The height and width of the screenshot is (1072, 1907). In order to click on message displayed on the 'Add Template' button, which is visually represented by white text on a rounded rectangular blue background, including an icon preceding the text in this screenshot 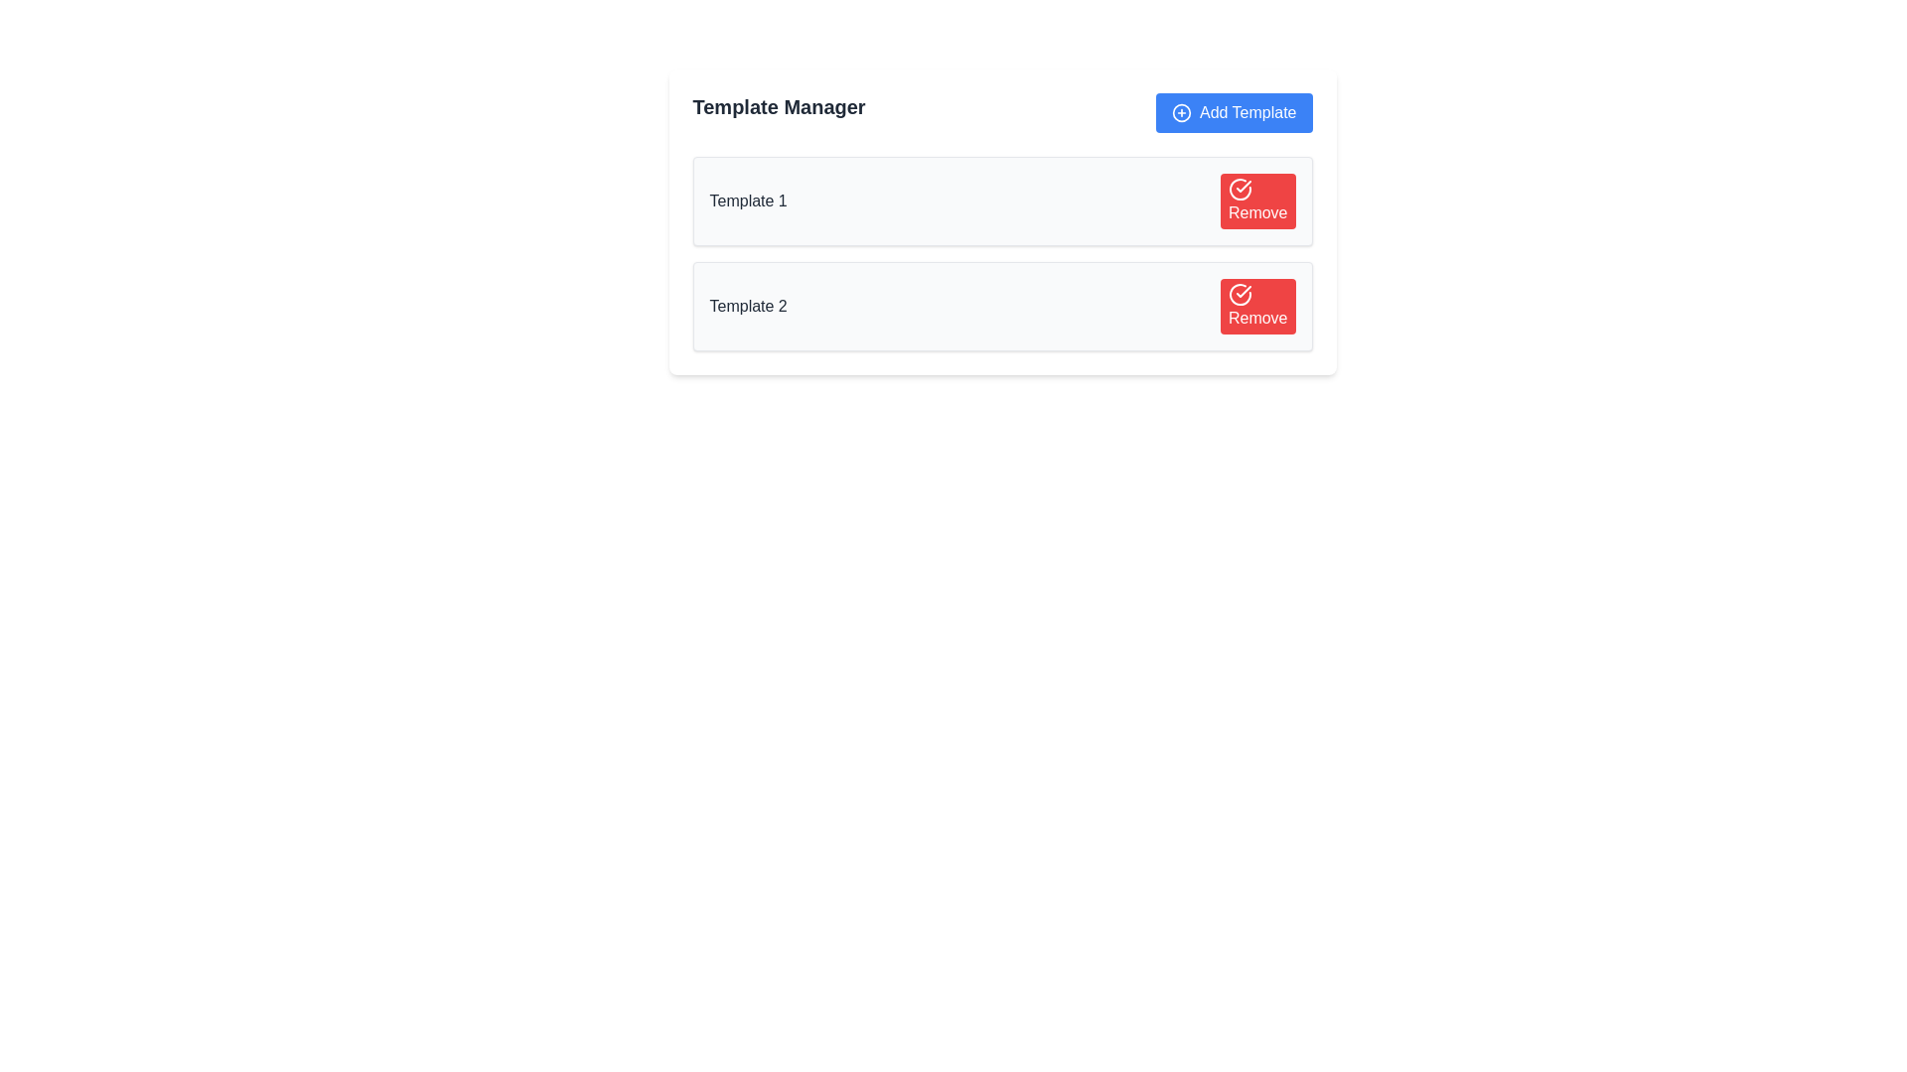, I will do `click(1247, 113)`.